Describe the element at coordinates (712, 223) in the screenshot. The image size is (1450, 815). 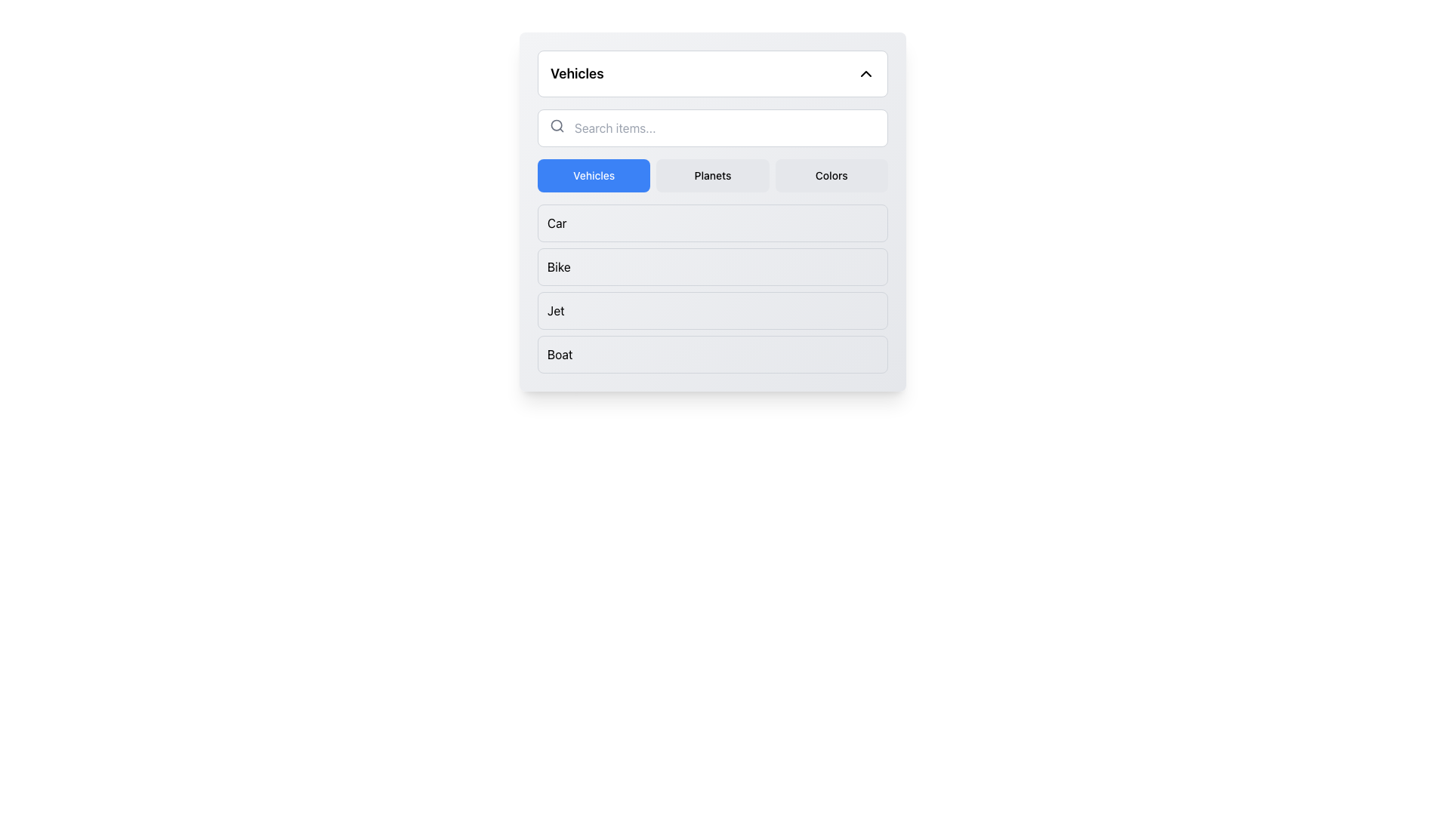
I see `the button-like selectable panel` at that location.